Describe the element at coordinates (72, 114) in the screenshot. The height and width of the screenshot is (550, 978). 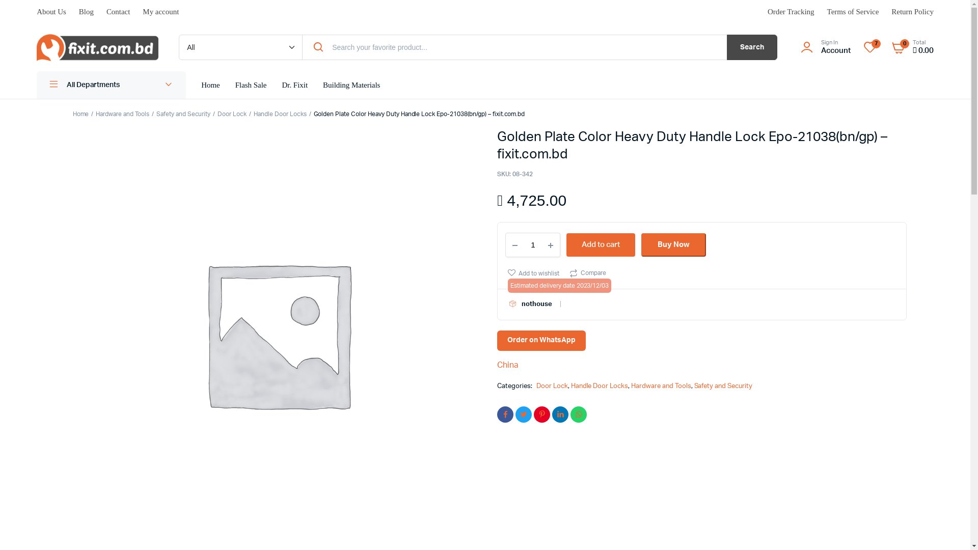
I see `'Home'` at that location.